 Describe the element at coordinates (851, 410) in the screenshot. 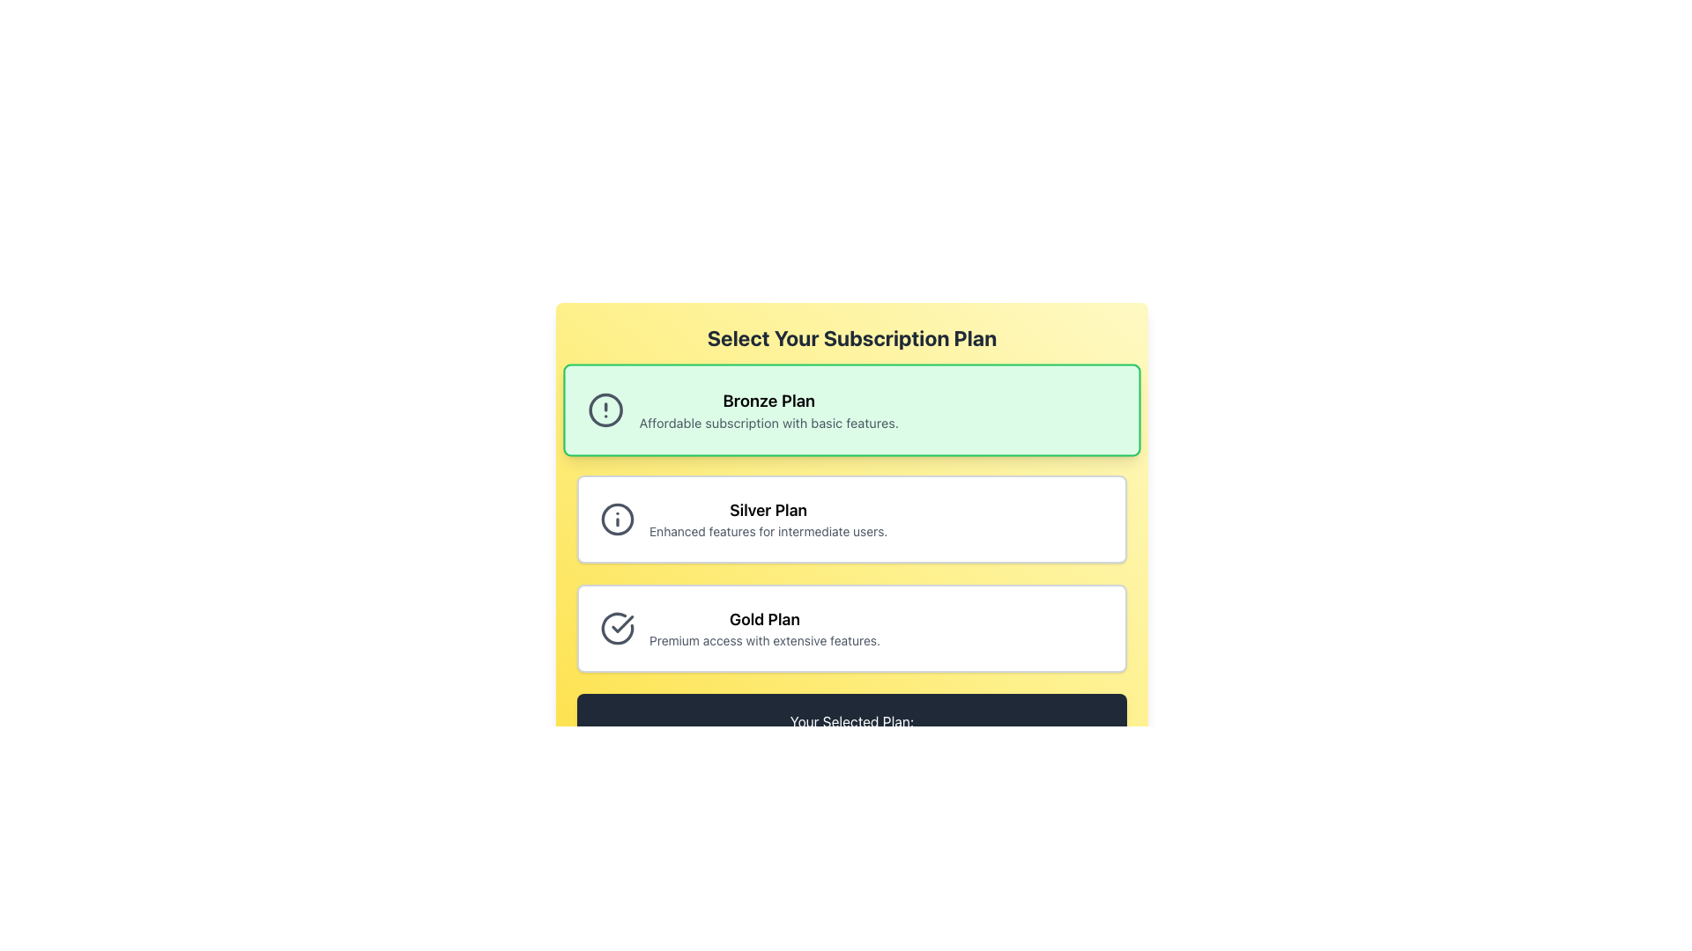

I see `the Bronze tier subscription plan card which is the first card in a vertical list of subscription options` at that location.